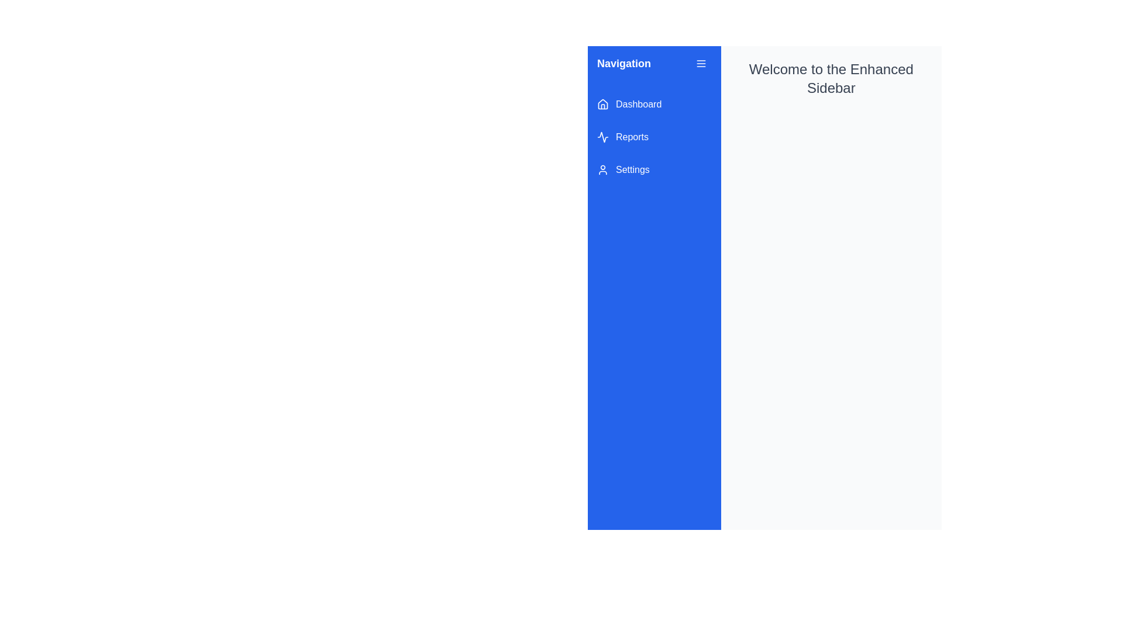 This screenshot has width=1123, height=631. What do you see at coordinates (603, 103) in the screenshot?
I see `the house-shaped icon in the sidebar adjacent to the 'Dashboard' text` at bounding box center [603, 103].